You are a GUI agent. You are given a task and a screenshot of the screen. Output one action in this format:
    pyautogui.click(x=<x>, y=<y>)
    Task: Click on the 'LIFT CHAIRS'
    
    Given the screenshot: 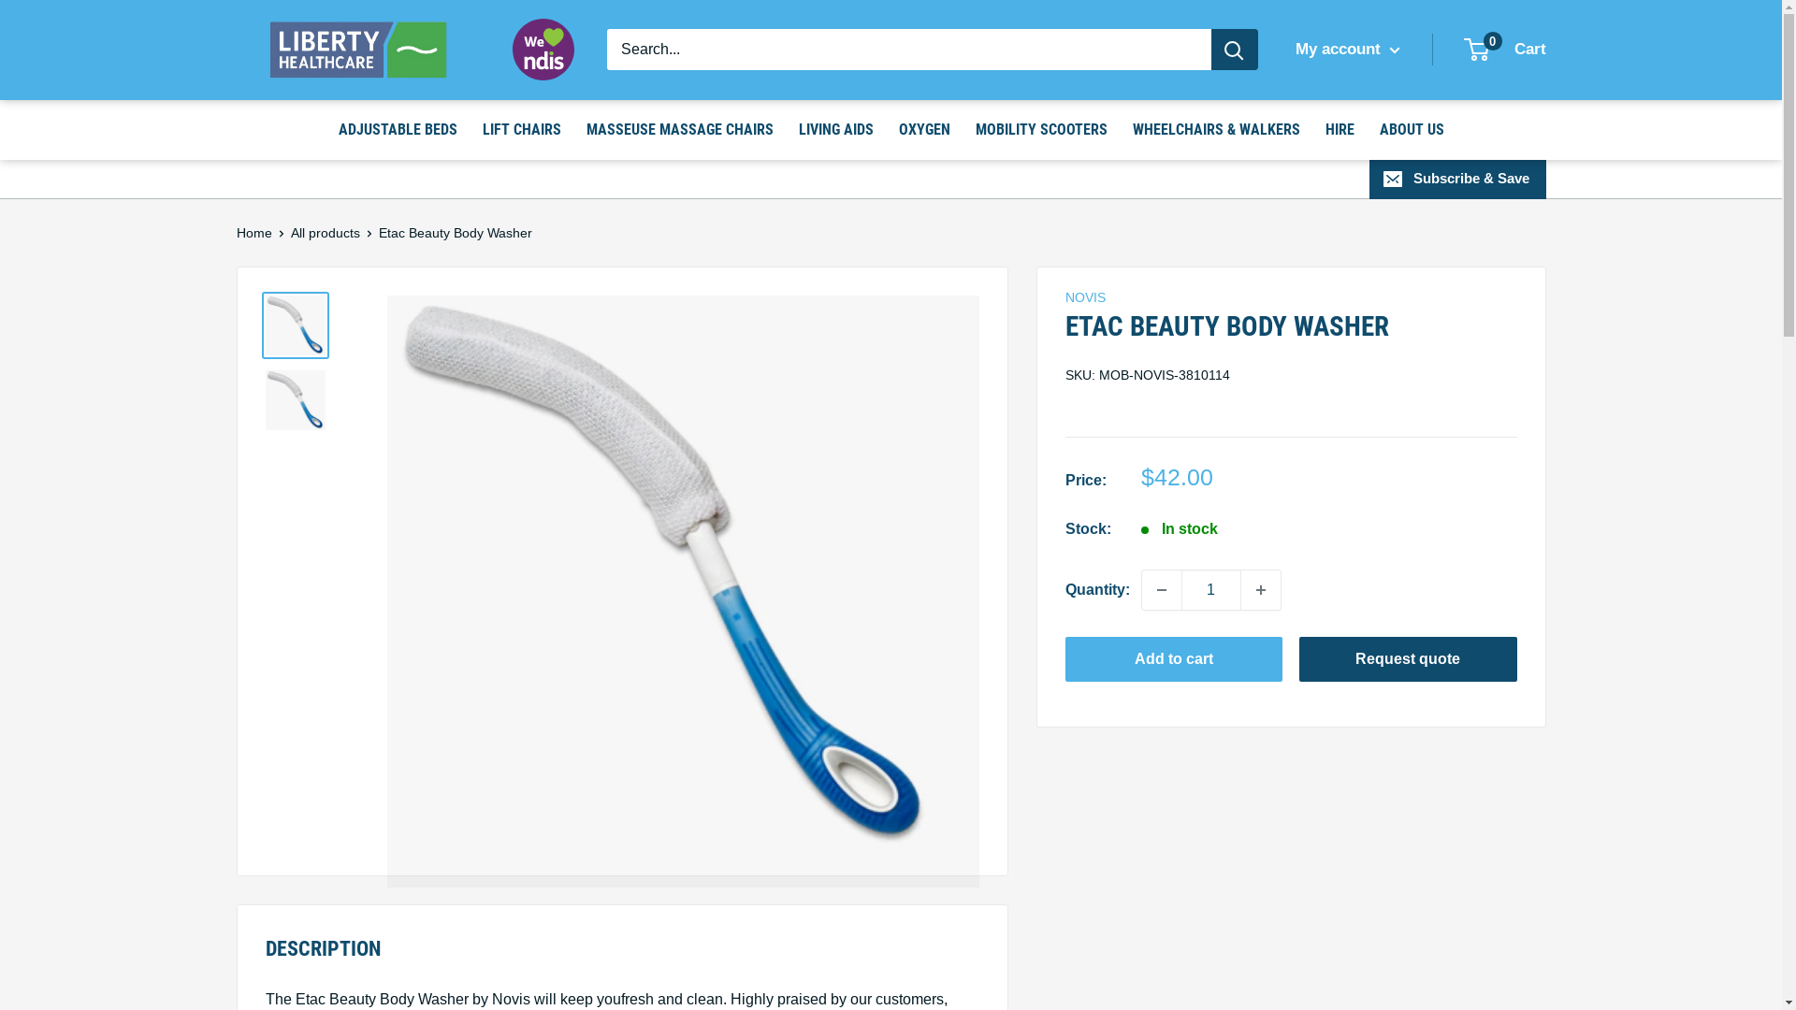 What is the action you would take?
    pyautogui.click(x=521, y=128)
    